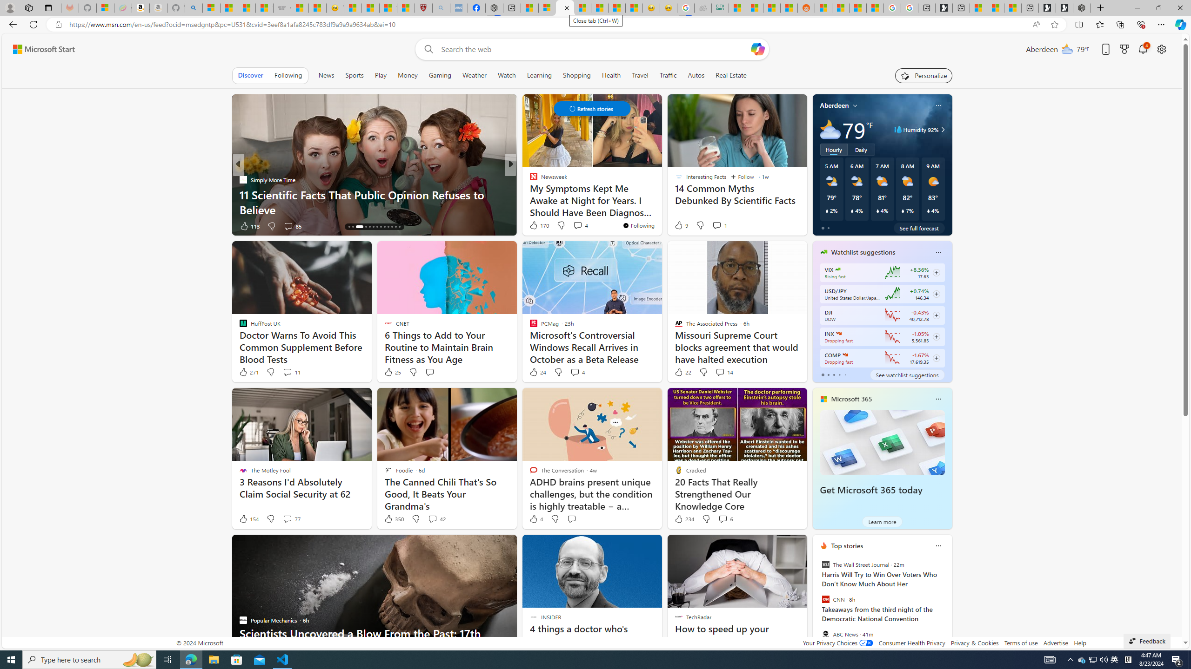 Image resolution: width=1191 pixels, height=669 pixels. What do you see at coordinates (855, 105) in the screenshot?
I see `'My location'` at bounding box center [855, 105].